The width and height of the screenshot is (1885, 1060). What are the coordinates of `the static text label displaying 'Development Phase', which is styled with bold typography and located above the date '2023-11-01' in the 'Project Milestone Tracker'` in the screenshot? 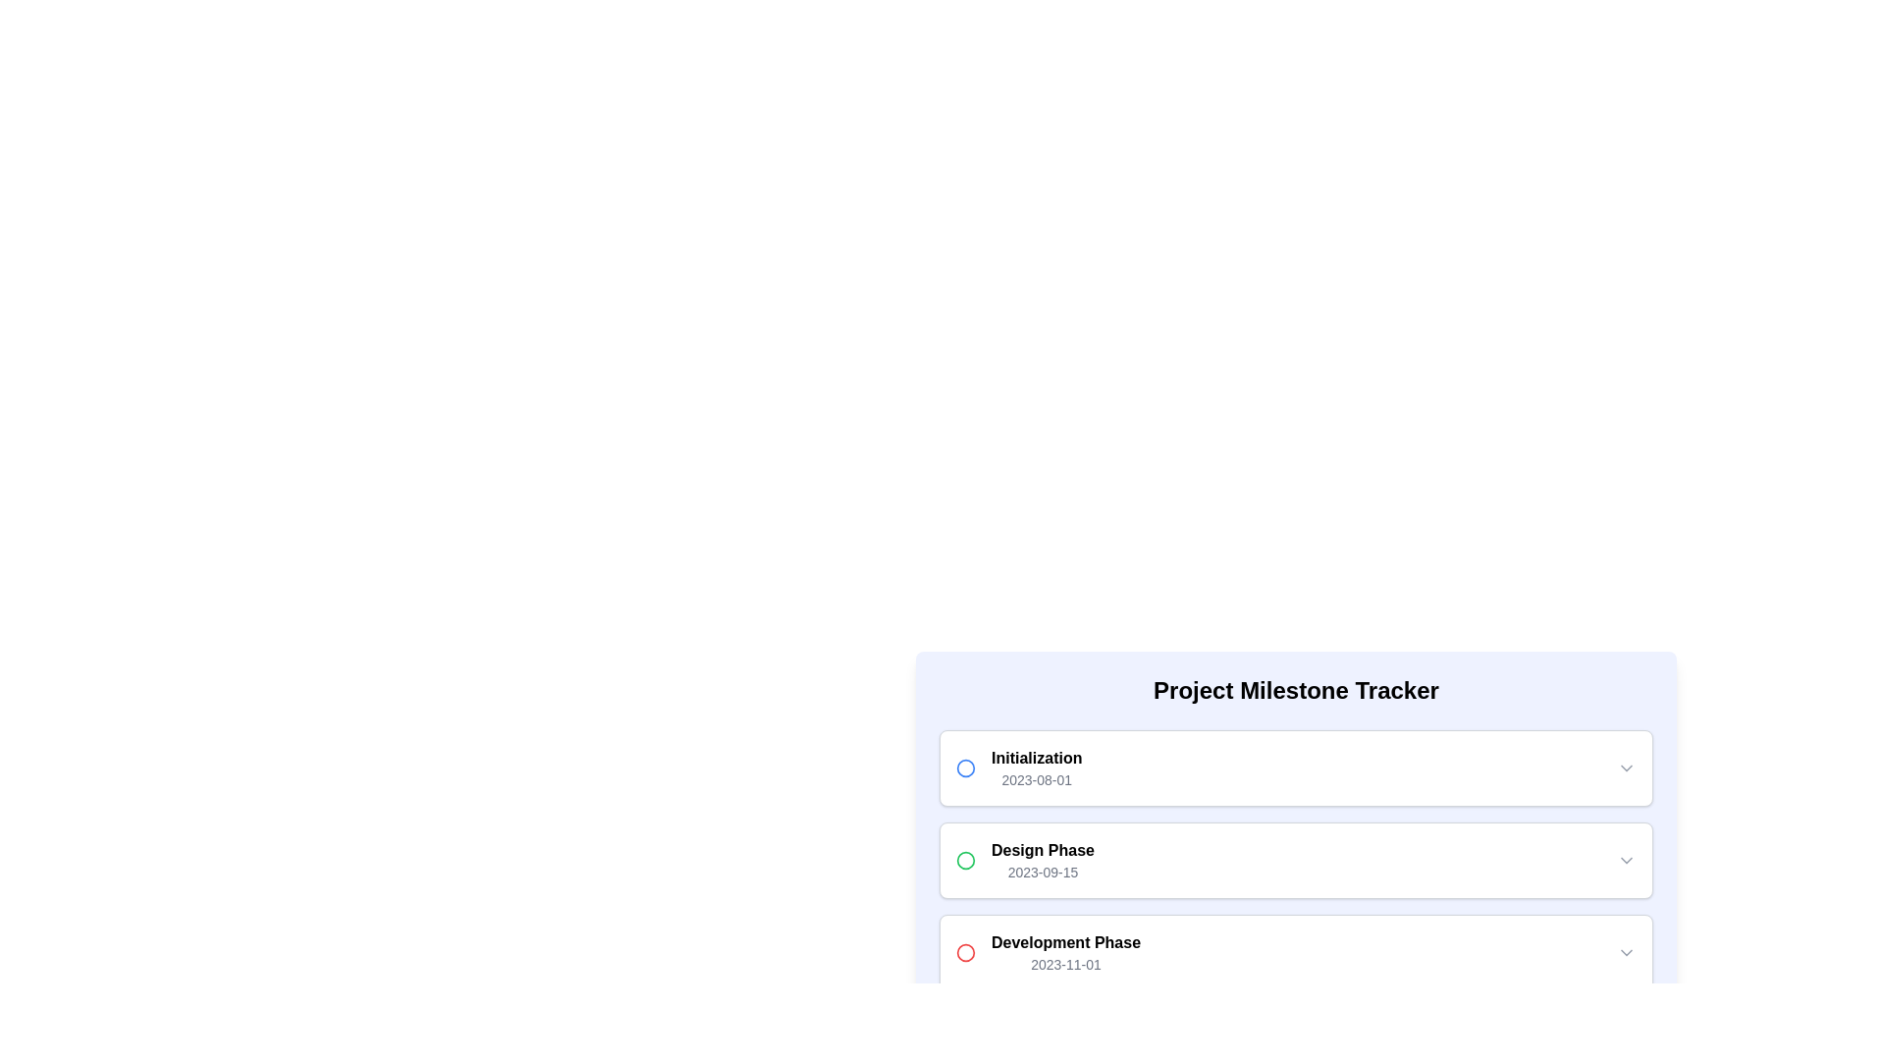 It's located at (1064, 941).